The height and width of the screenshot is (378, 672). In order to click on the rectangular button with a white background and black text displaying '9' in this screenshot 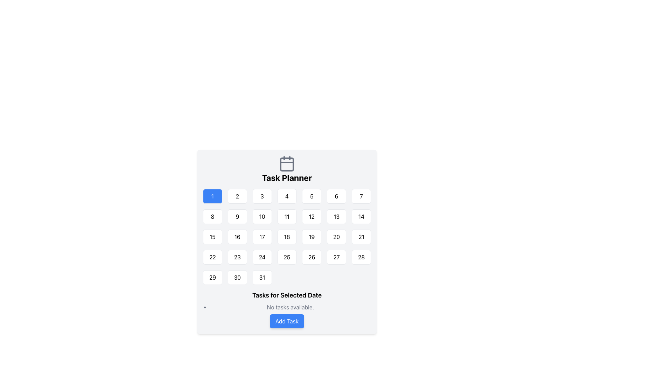, I will do `click(237, 216)`.